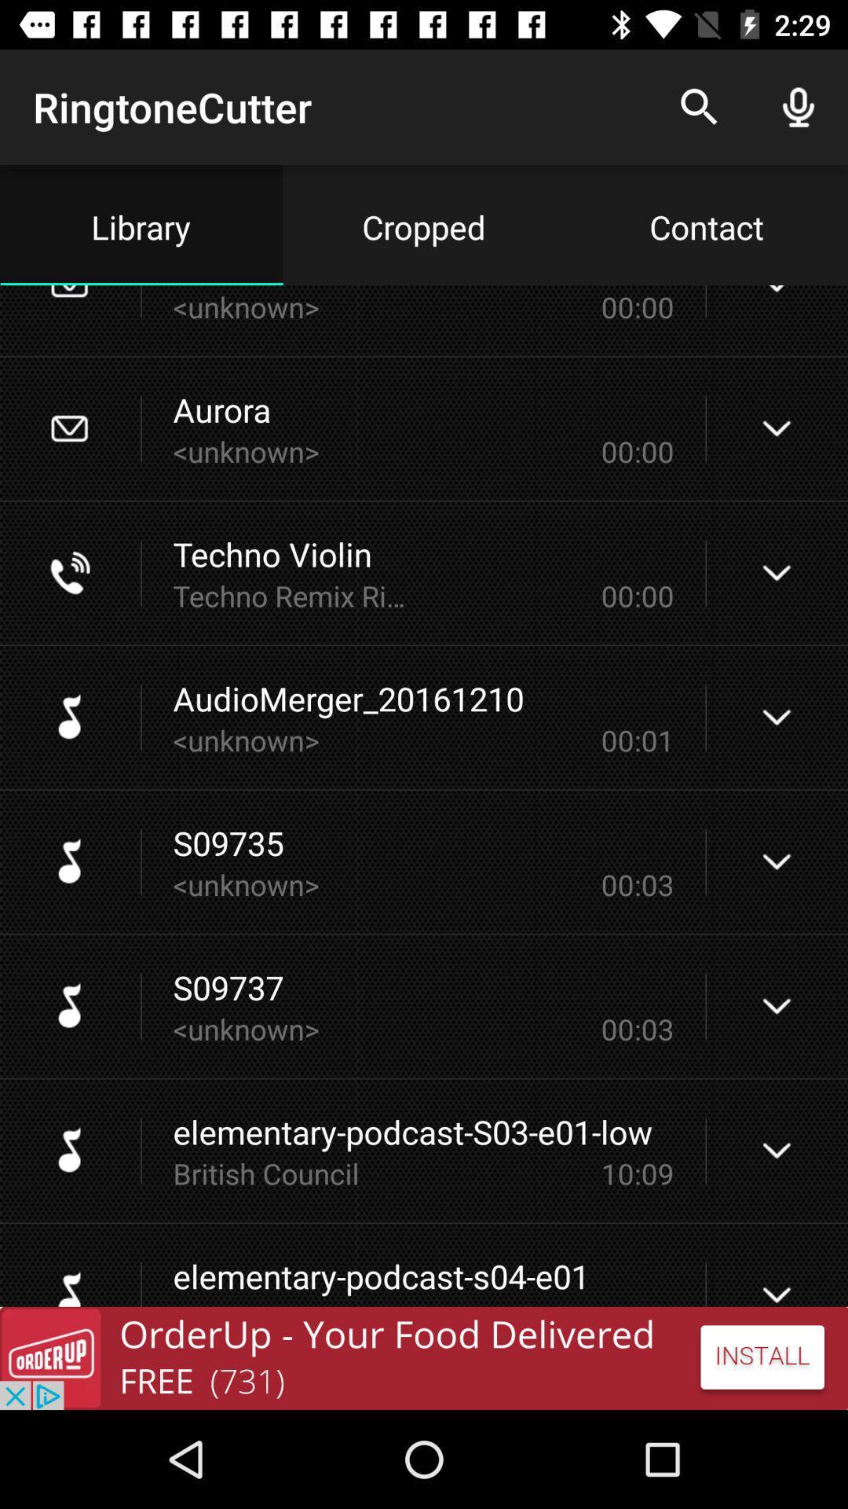 This screenshot has height=1509, width=848. Describe the element at coordinates (424, 1357) in the screenshot. I see `the picture` at that location.